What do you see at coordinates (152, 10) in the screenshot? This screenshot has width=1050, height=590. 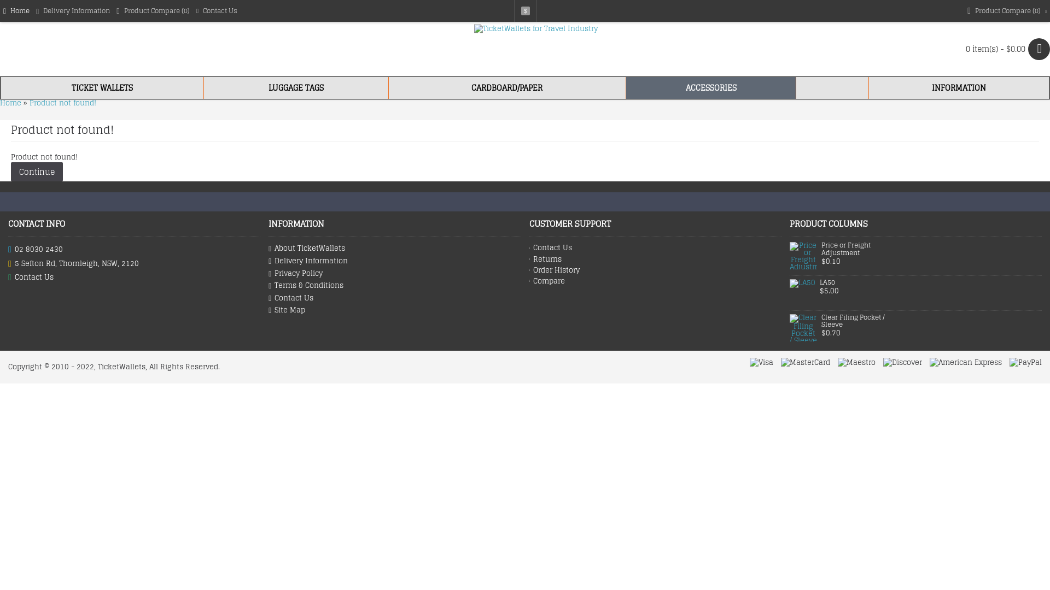 I see `'Product Compare (0)'` at bounding box center [152, 10].